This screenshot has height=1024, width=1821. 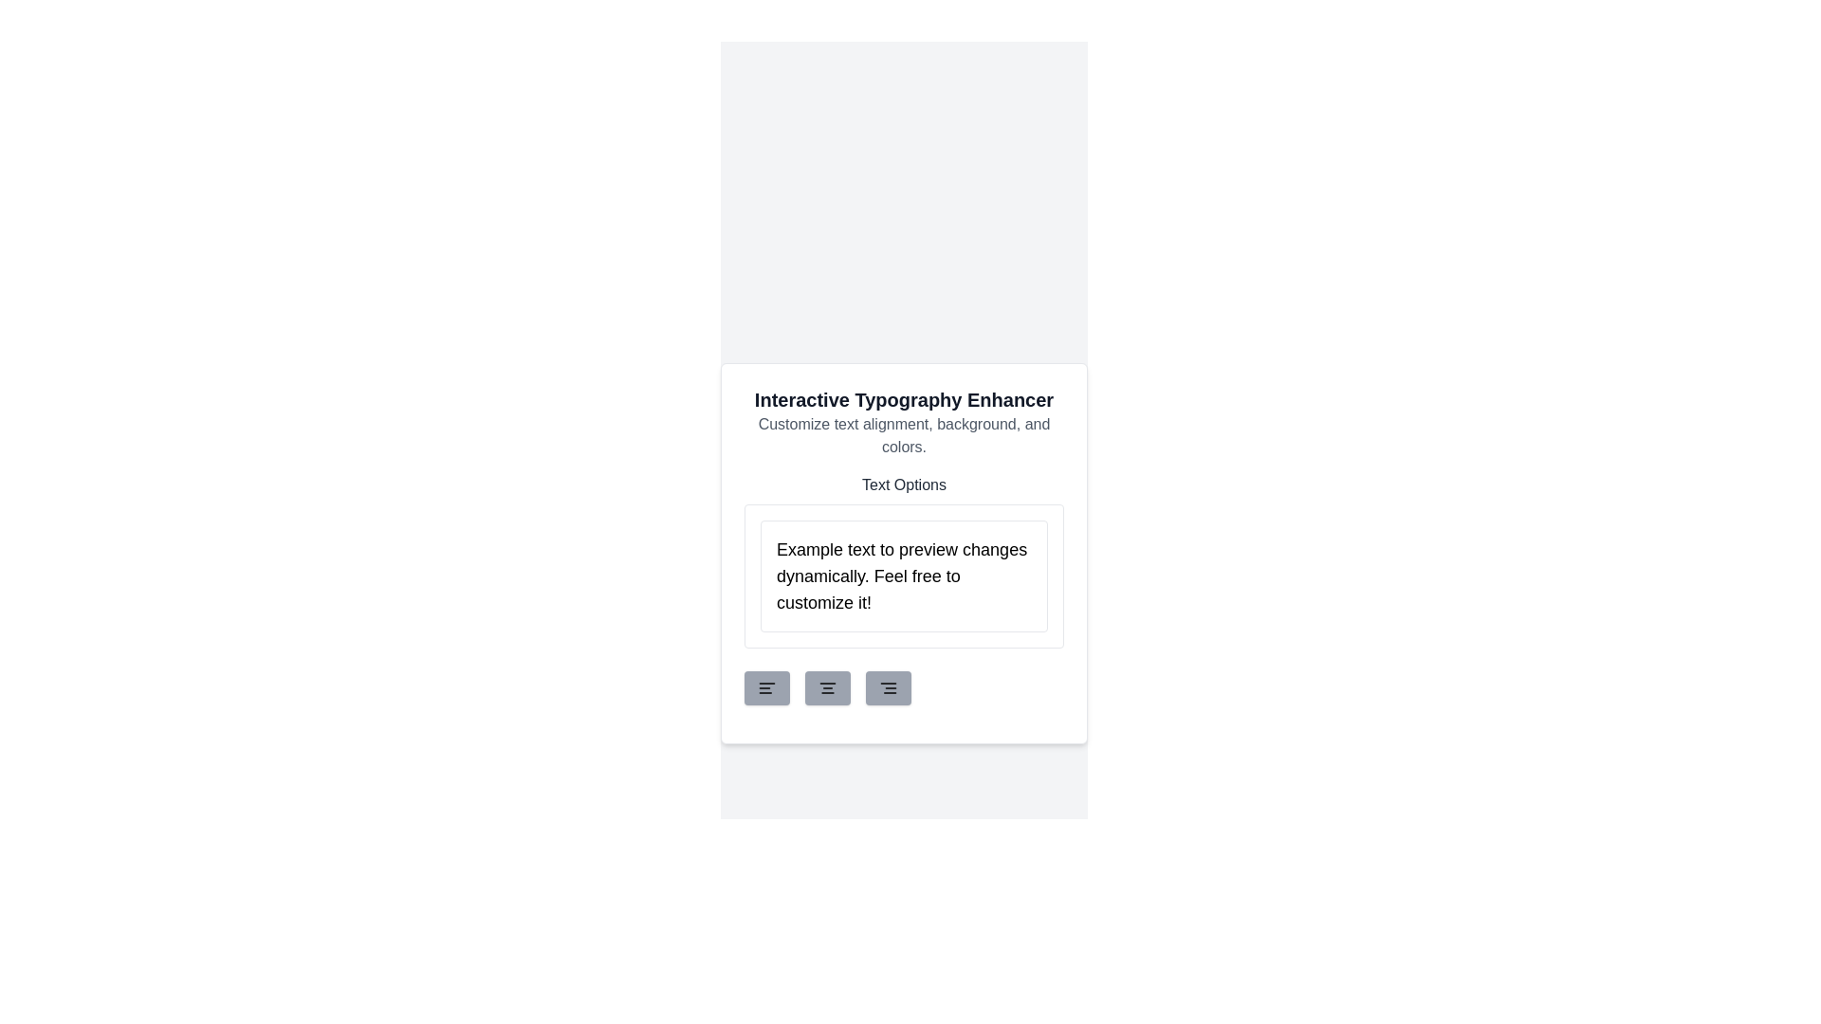 I want to click on the center alignment icon, which is depicted with three horizontal lines, so click(x=828, y=687).